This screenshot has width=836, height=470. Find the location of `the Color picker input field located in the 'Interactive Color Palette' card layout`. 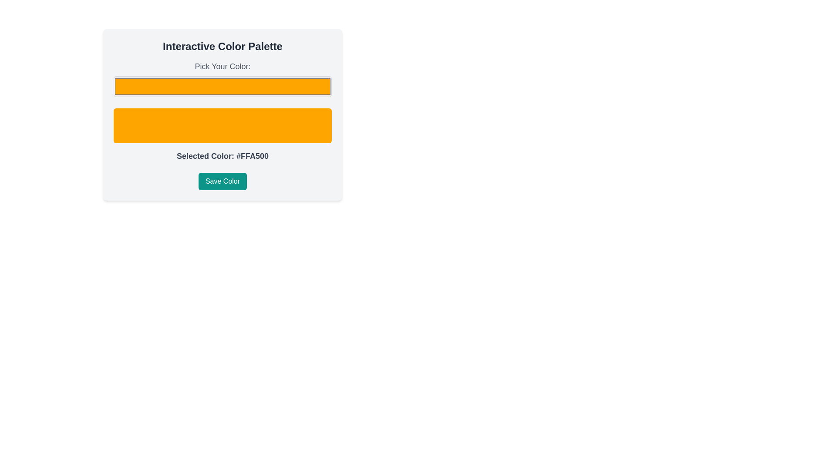

the Color picker input field located in the 'Interactive Color Palette' card layout is located at coordinates (222, 79).